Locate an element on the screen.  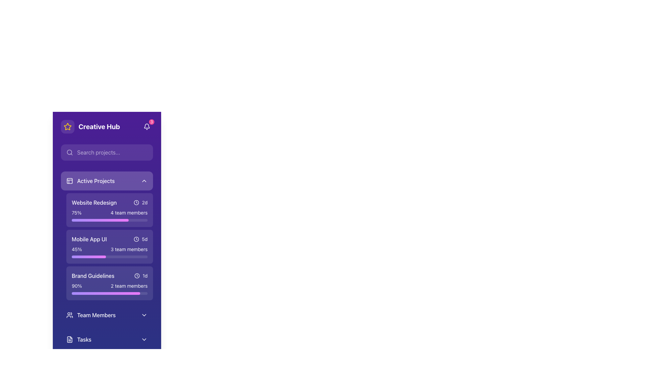
the progress bar is located at coordinates (94, 293).